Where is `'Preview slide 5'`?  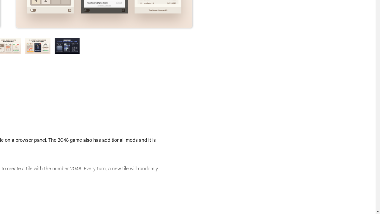 'Preview slide 5' is located at coordinates (67, 46).